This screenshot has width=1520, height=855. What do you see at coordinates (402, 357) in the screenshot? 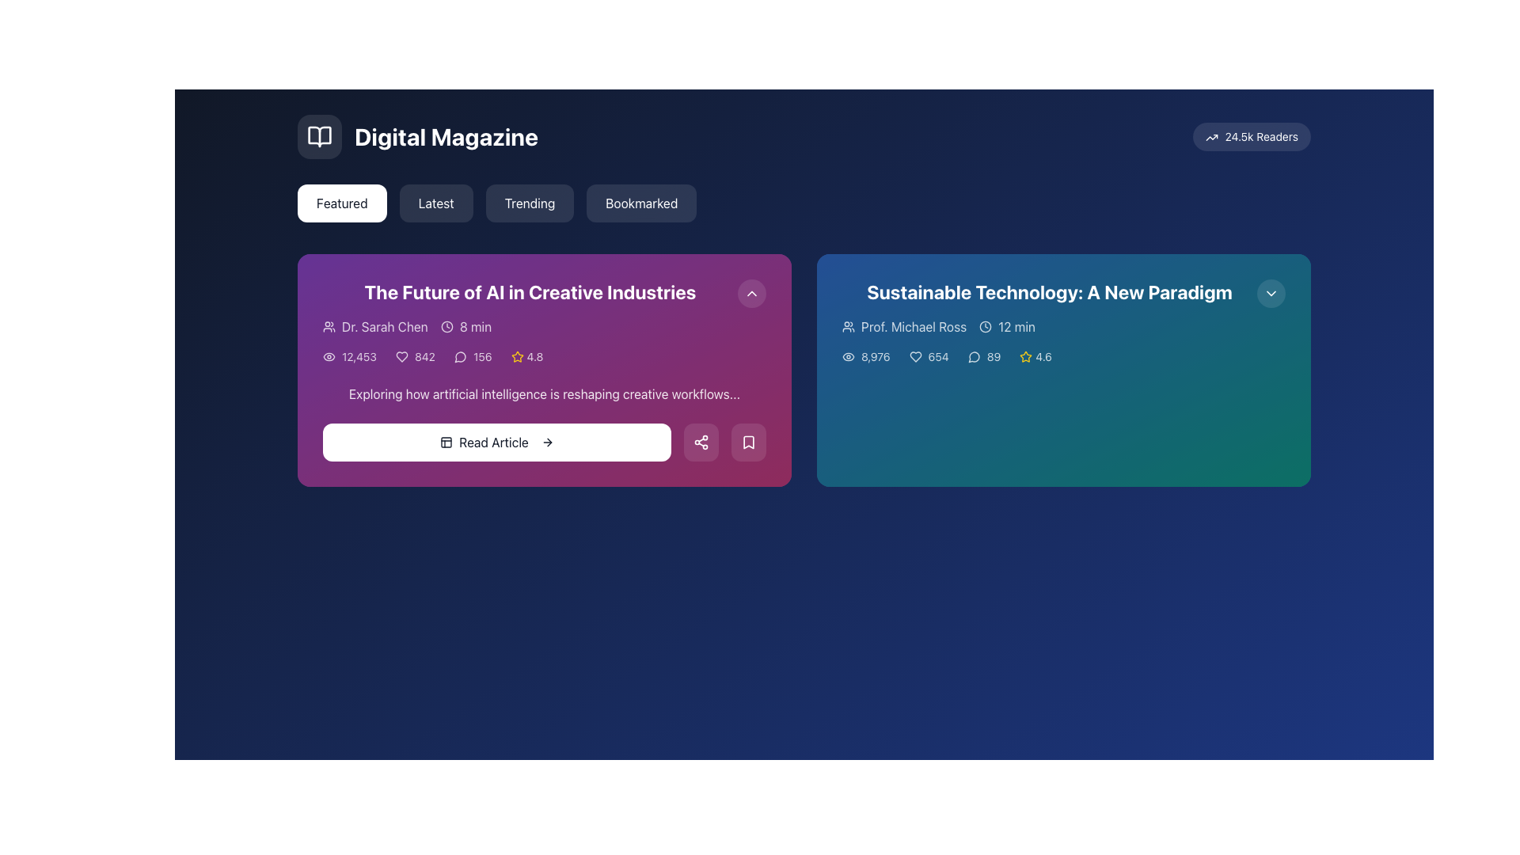
I see `the heart-shaped icon located next to the number '842' on the purple card labeled 'The Future of AI in Creative Industries'` at bounding box center [402, 357].